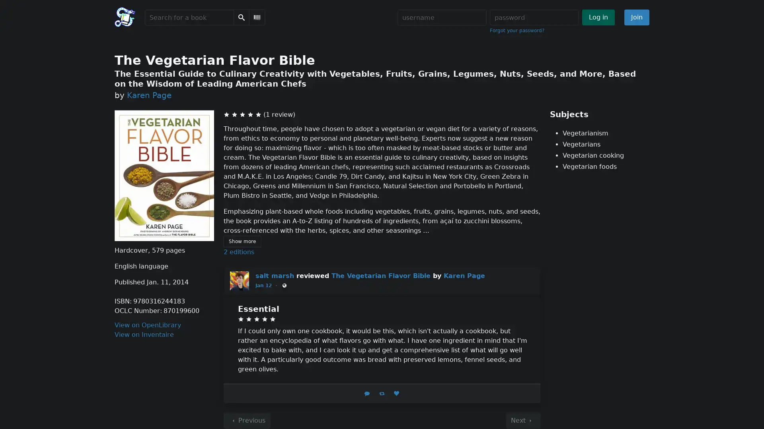 The image size is (764, 429). What do you see at coordinates (164, 175) in the screenshot?
I see `The Vegetarian Flavor Bible (Hardcover, 2014) Click to enlarge` at bounding box center [164, 175].